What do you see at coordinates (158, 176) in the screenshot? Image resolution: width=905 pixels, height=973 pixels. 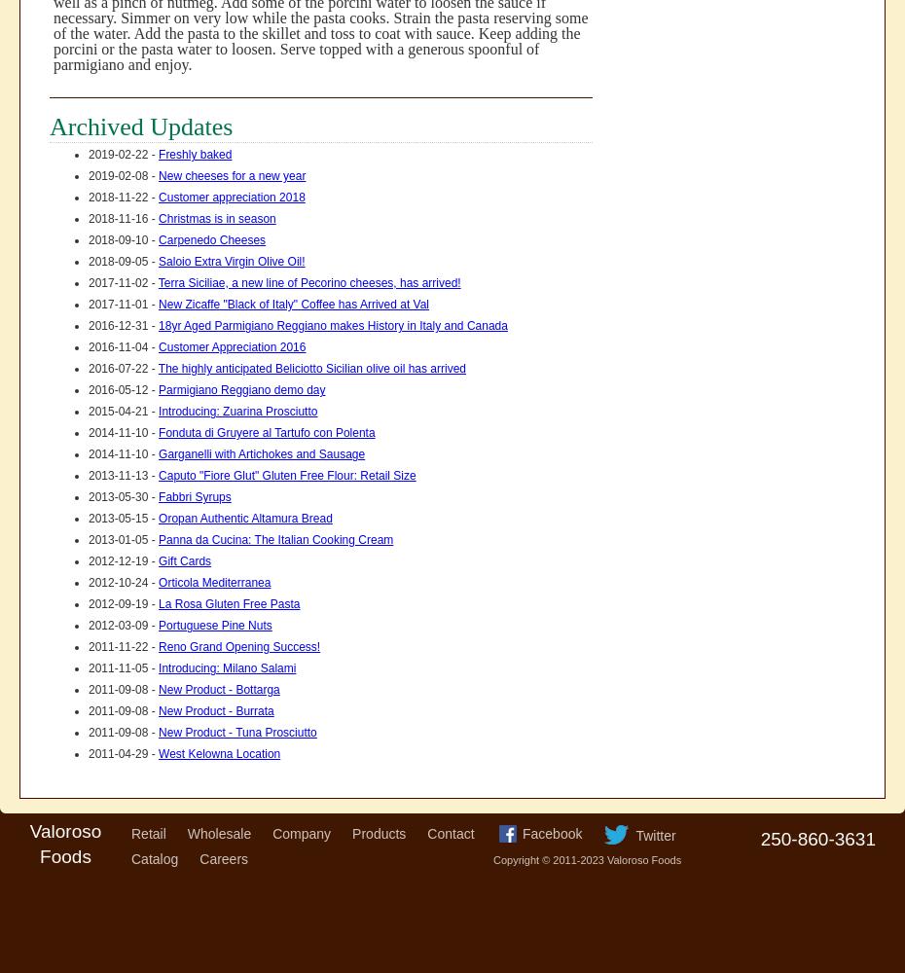 I see `'New cheeses for a new year'` at bounding box center [158, 176].